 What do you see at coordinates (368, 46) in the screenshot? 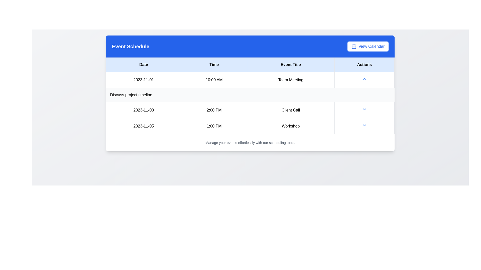
I see `the button with white background and blue text that reads 'View Calendar', located in the top-right corner of the 'Event Schedule' panel` at bounding box center [368, 46].